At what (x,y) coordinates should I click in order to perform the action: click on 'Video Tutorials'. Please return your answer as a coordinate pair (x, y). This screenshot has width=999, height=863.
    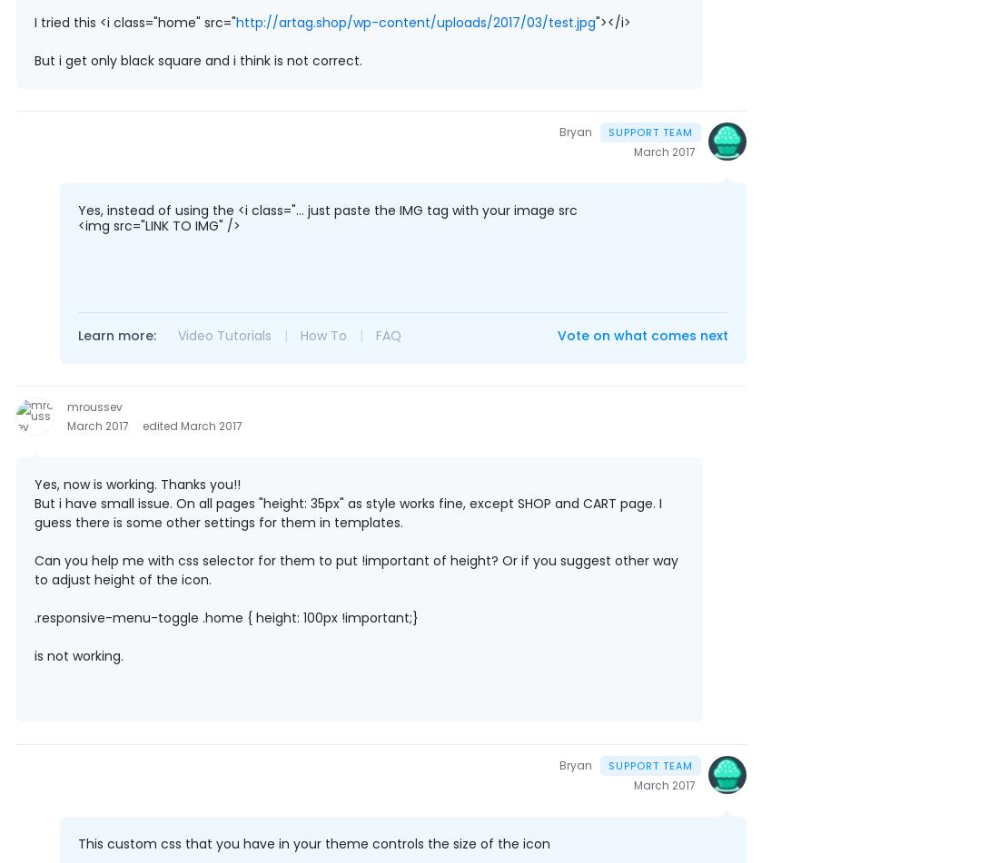
    Looking at the image, I should click on (177, 336).